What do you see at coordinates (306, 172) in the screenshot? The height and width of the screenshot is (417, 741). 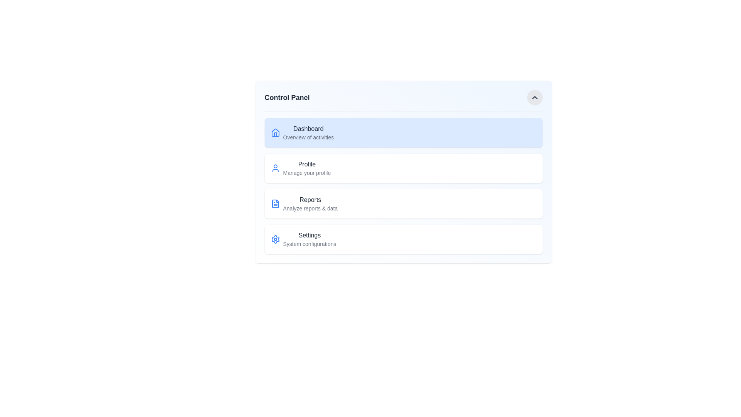 I see `the Text label that provides additional information about the 'Profile' section, positioned directly below the 'Profile' title` at bounding box center [306, 172].